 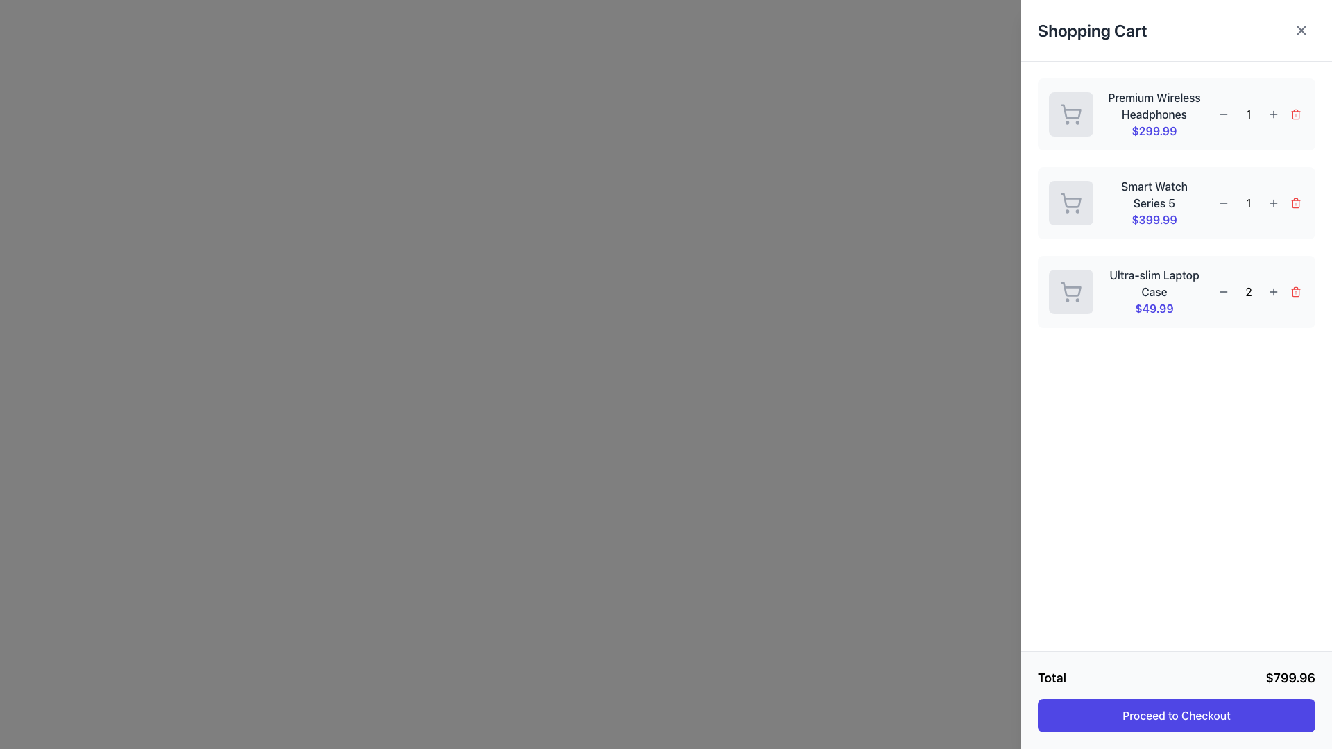 What do you see at coordinates (1301, 30) in the screenshot?
I see `the button located at the top-right corner of the 'Shopping Cart' interface` at bounding box center [1301, 30].